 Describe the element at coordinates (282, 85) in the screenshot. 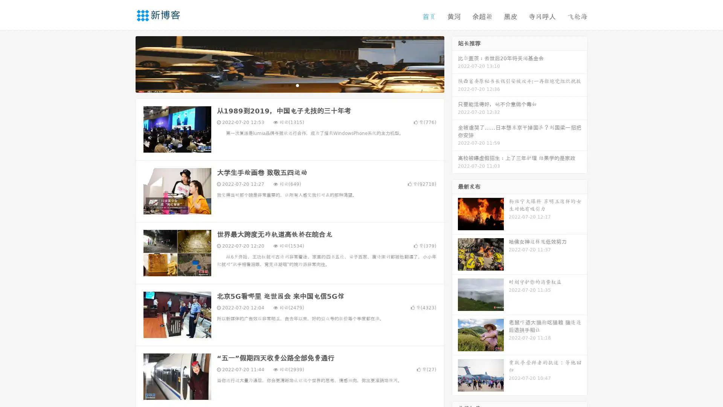

I see `Go to slide 1` at that location.